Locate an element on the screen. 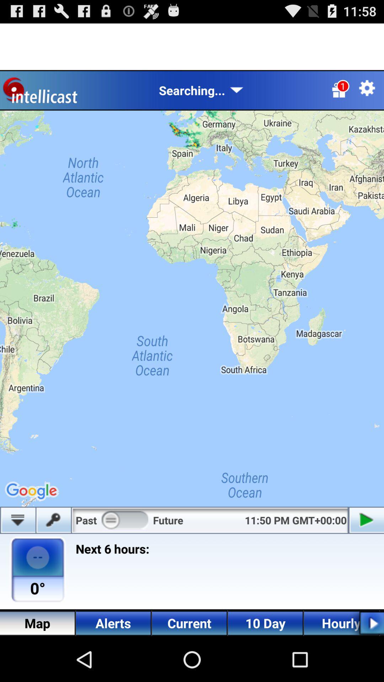  the settings icon is located at coordinates (367, 94).